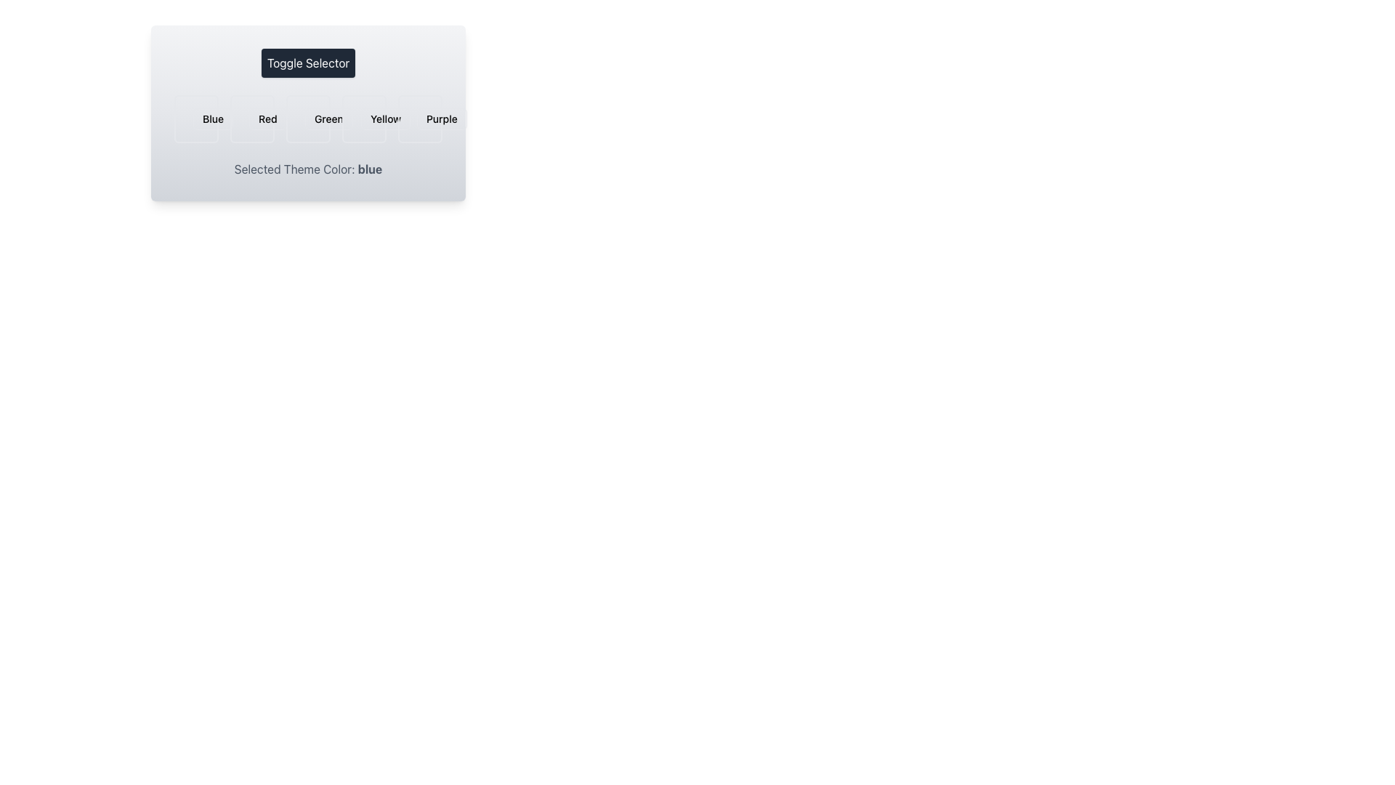 This screenshot has width=1395, height=785. I want to click on the 'Blue' button in the color selection interface, so click(212, 118).